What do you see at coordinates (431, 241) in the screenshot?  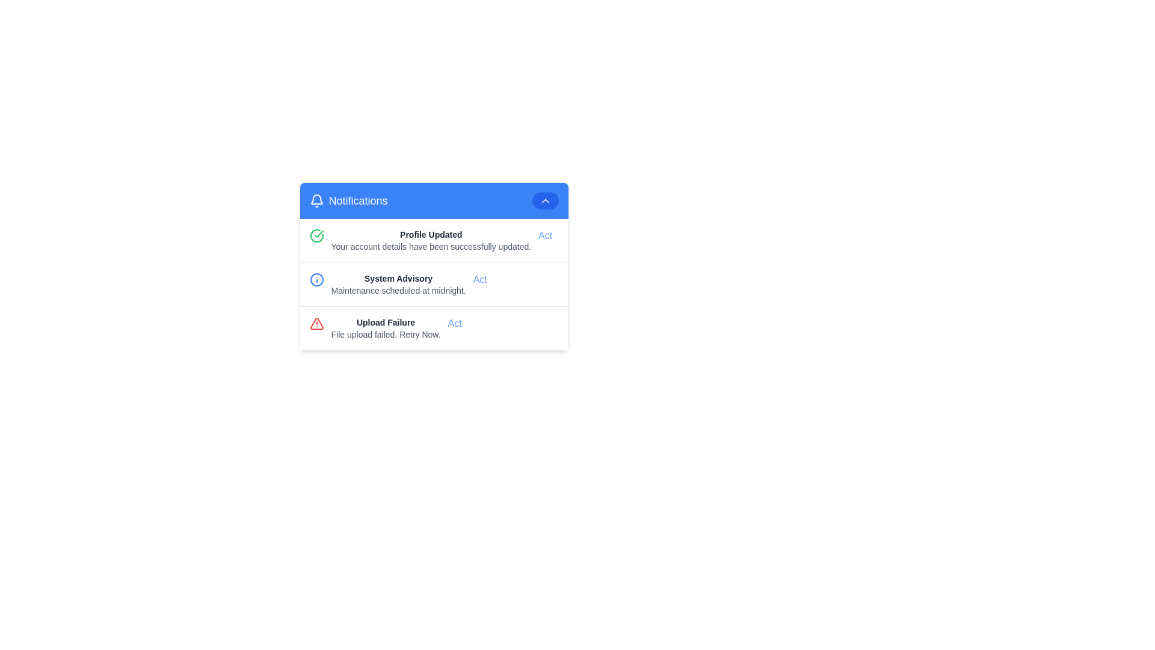 I see `the static text element that confirms an account update, which is positioned below a green checkmark icon and to the left of a blue 'Act' link` at bounding box center [431, 241].